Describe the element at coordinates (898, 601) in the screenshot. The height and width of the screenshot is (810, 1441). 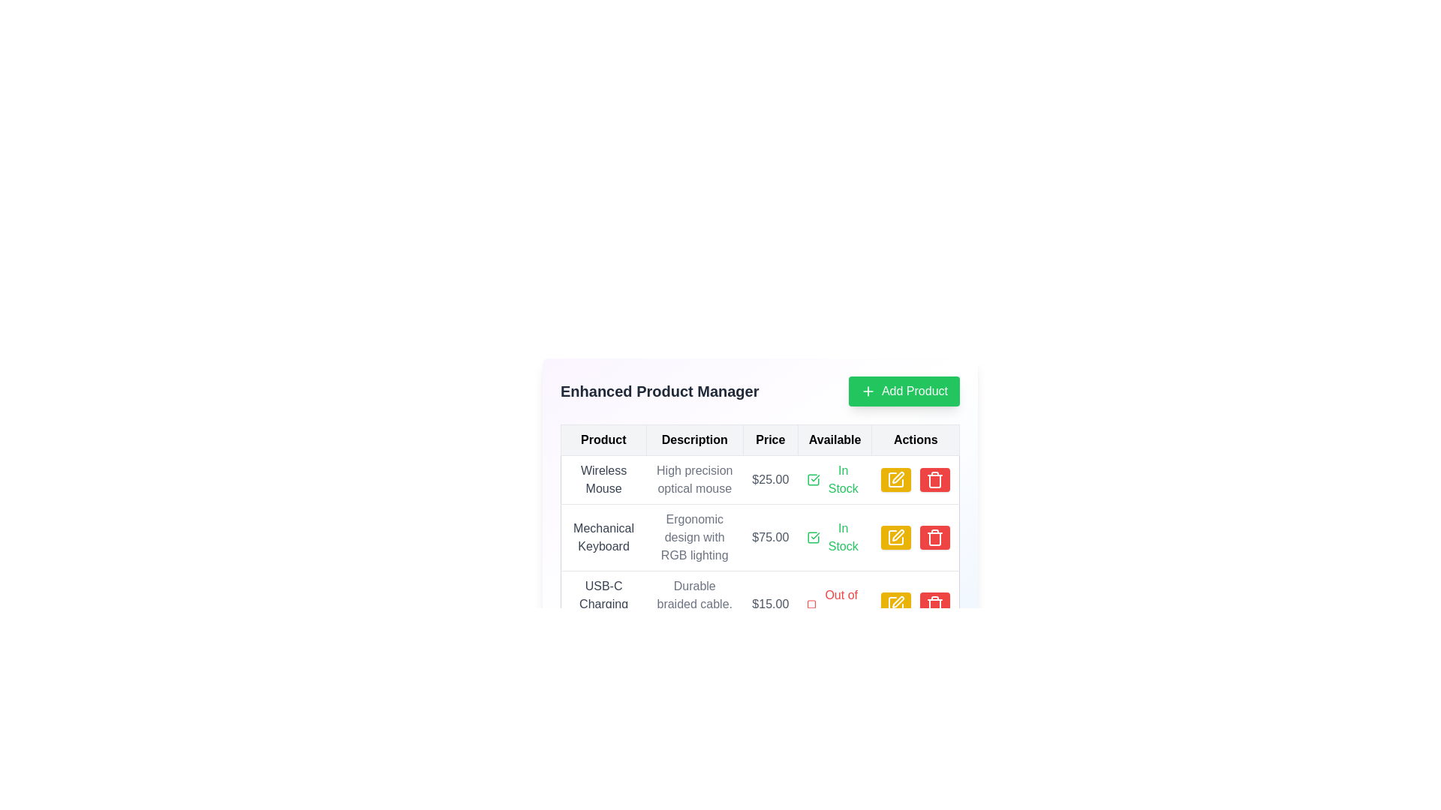
I see `the vector graphic resembling a pen symbol within the yellow button in the 'Actions' column of the third row in the 'Enhanced Product Manager' table` at that location.